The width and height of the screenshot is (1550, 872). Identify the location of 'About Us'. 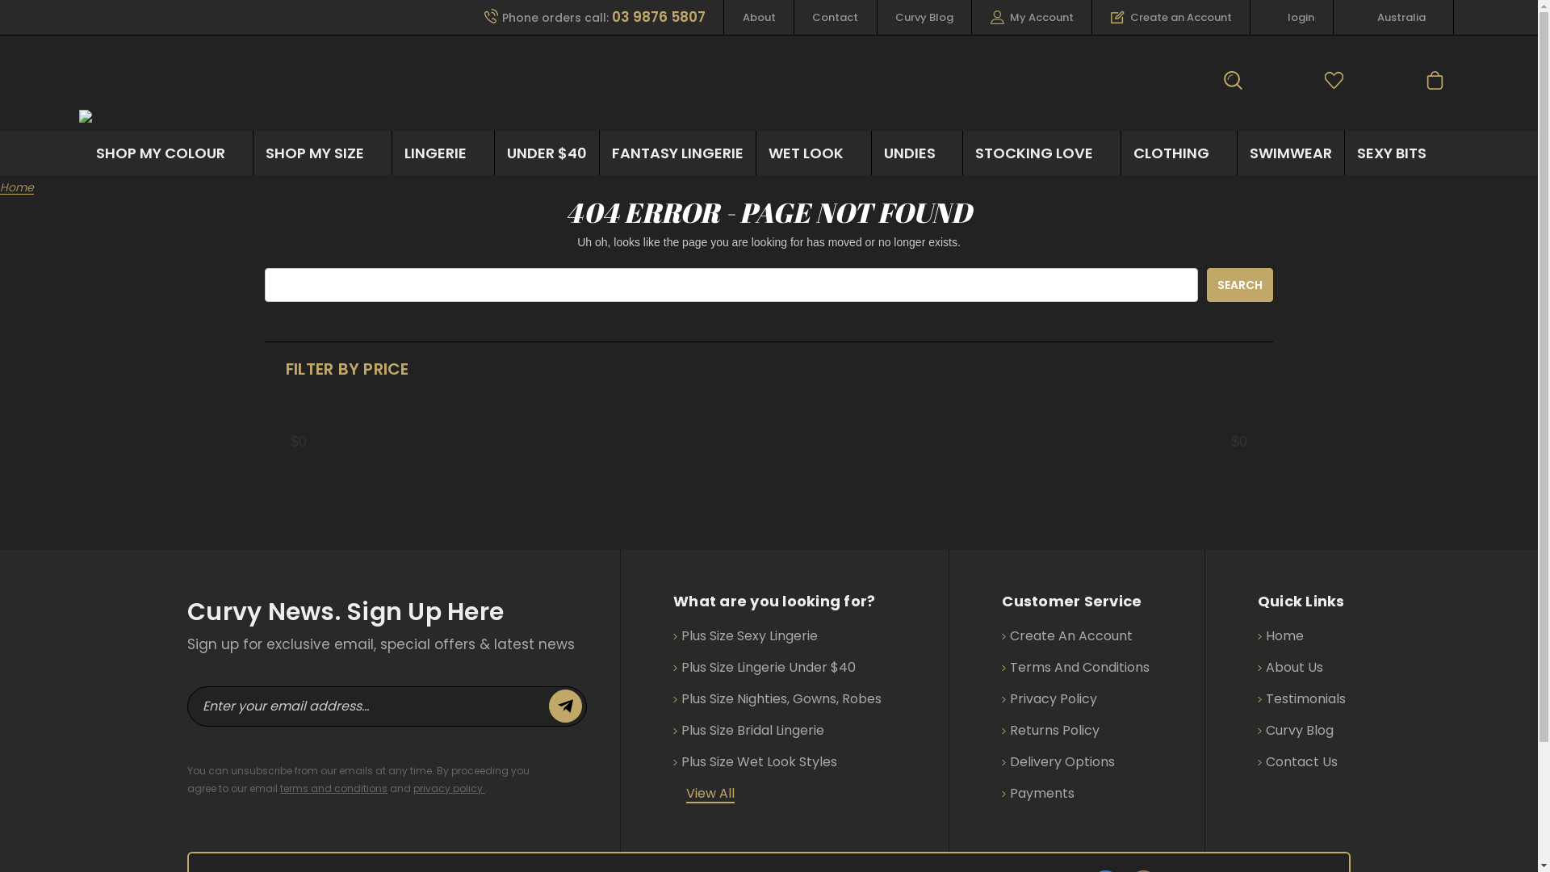
(1289, 667).